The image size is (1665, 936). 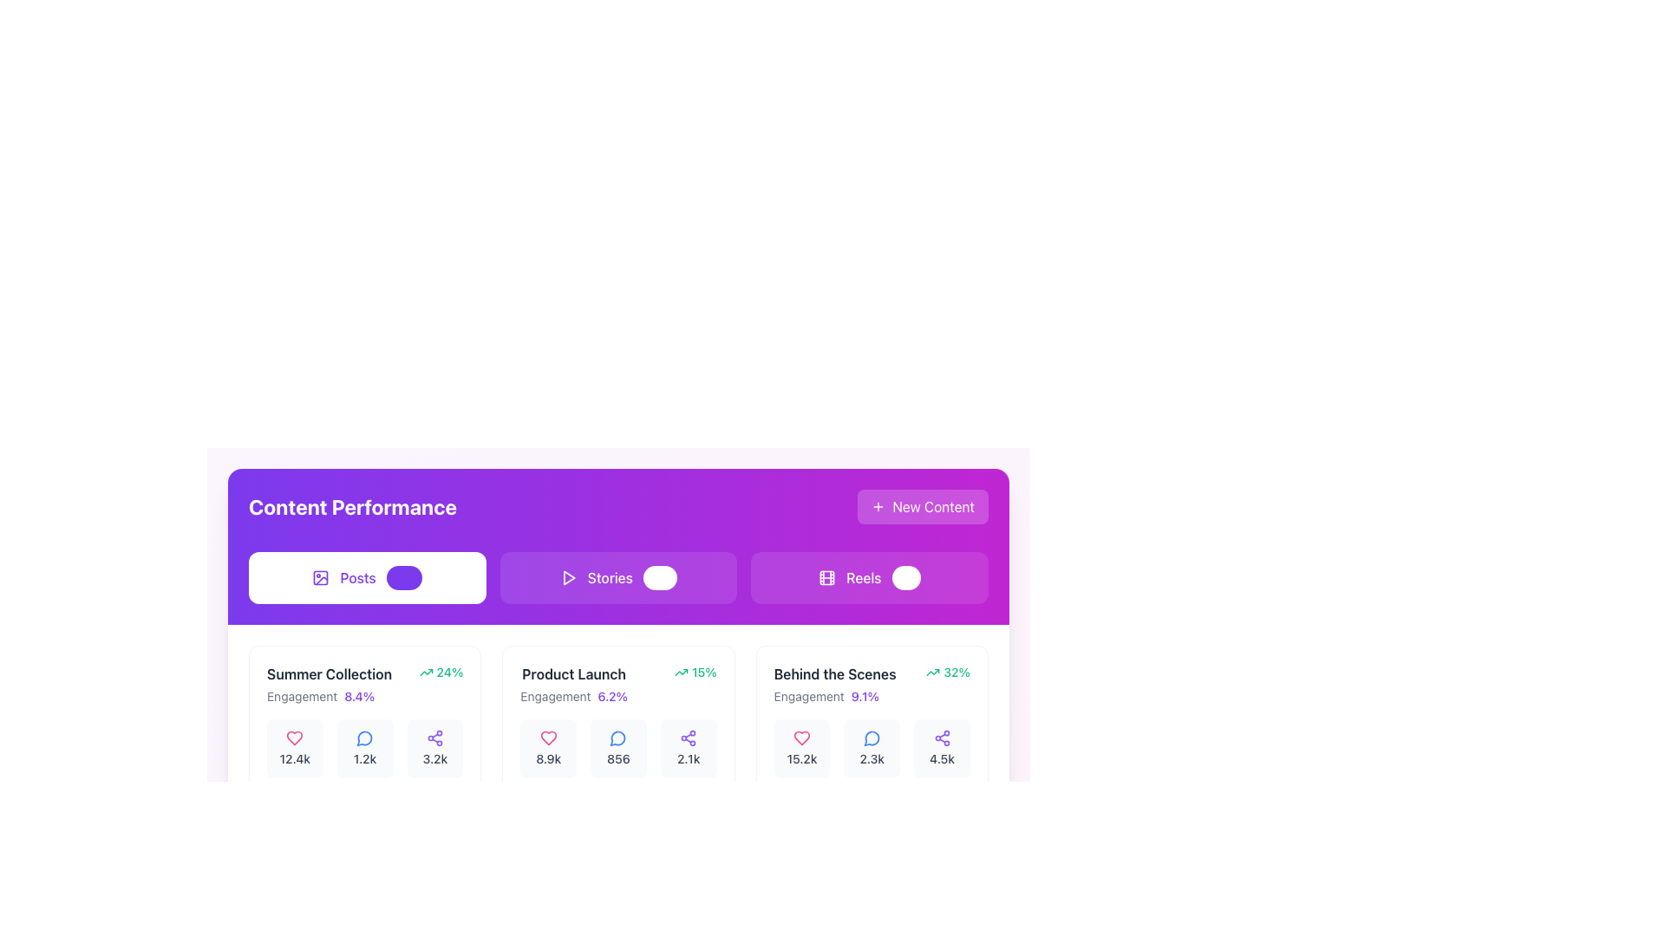 I want to click on the circular blue outlined comment icon located in the 'Product Launch' column of the 'Content Performance' section, so click(x=618, y=738).